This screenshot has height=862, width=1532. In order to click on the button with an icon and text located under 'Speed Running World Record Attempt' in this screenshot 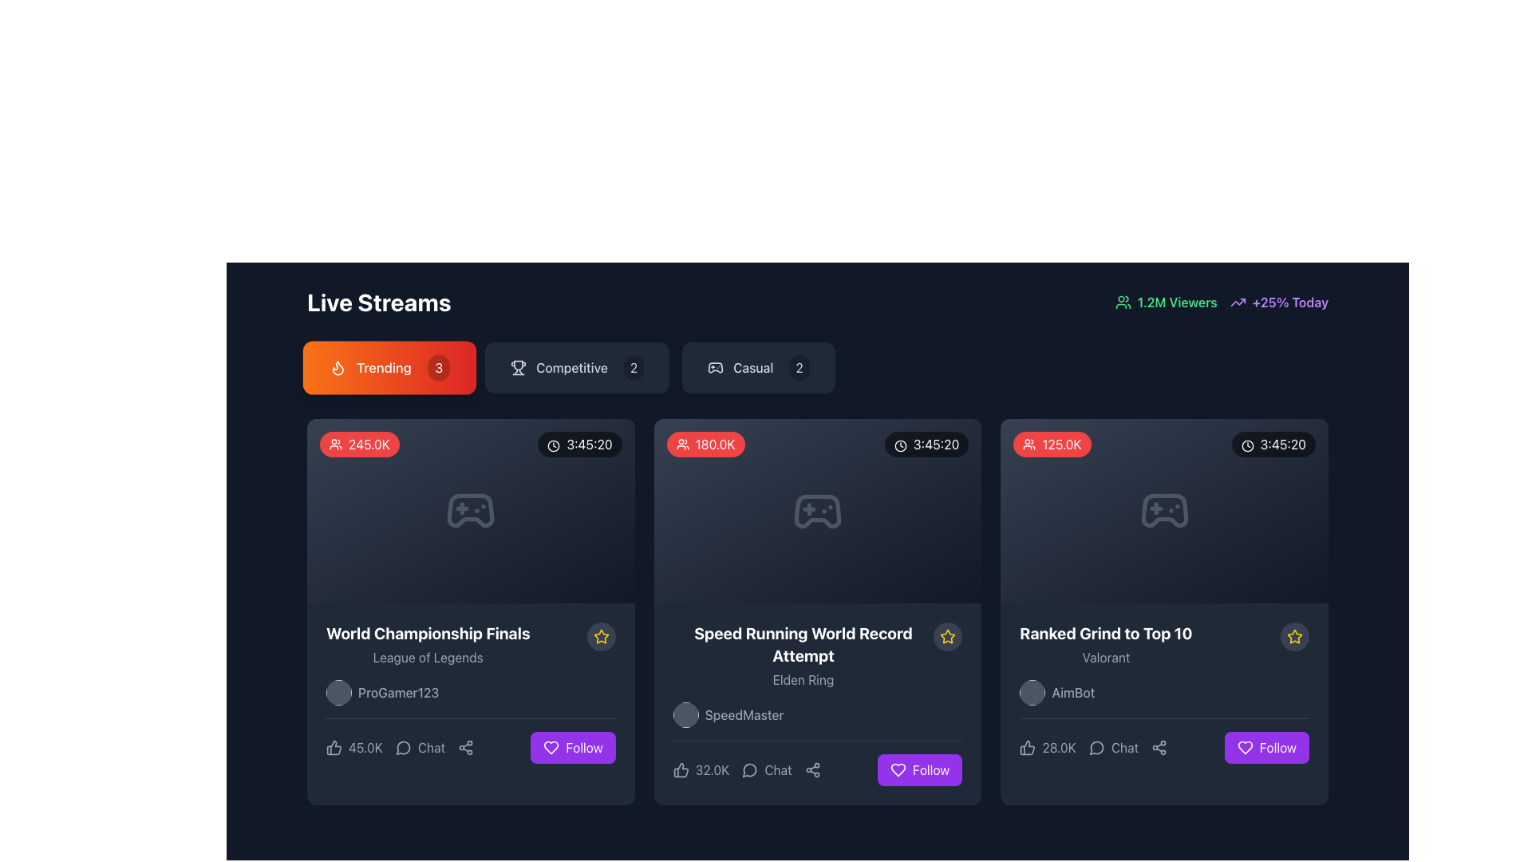, I will do `click(767, 769)`.